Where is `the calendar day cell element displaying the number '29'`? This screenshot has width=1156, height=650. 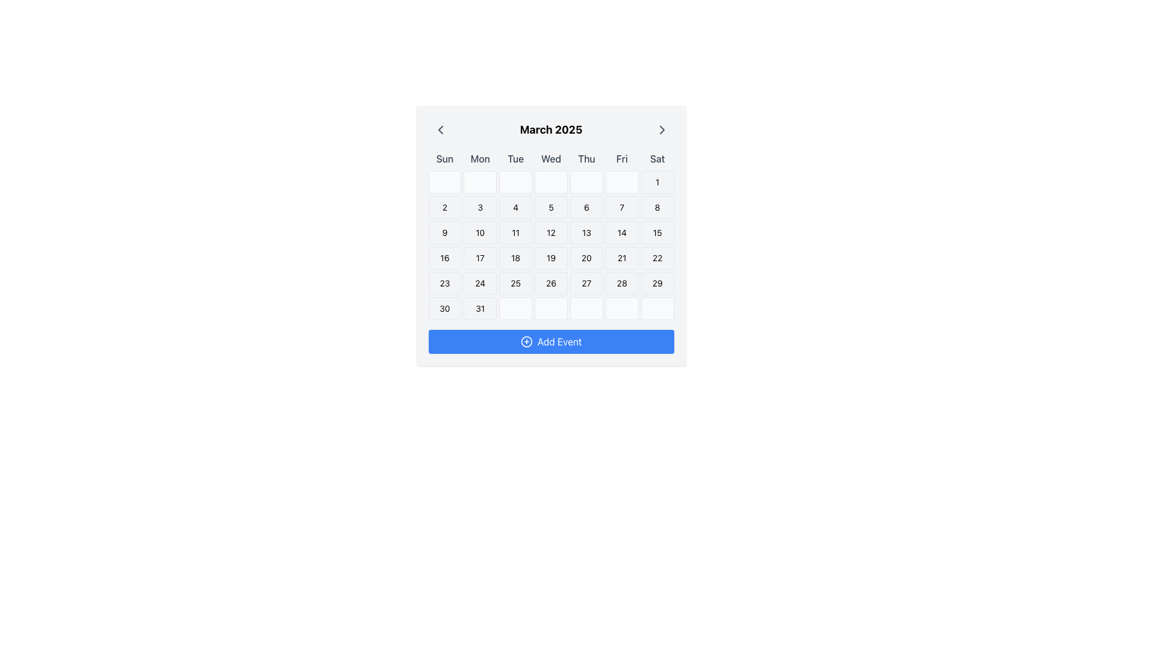
the calendar day cell element displaying the number '29' is located at coordinates (656, 283).